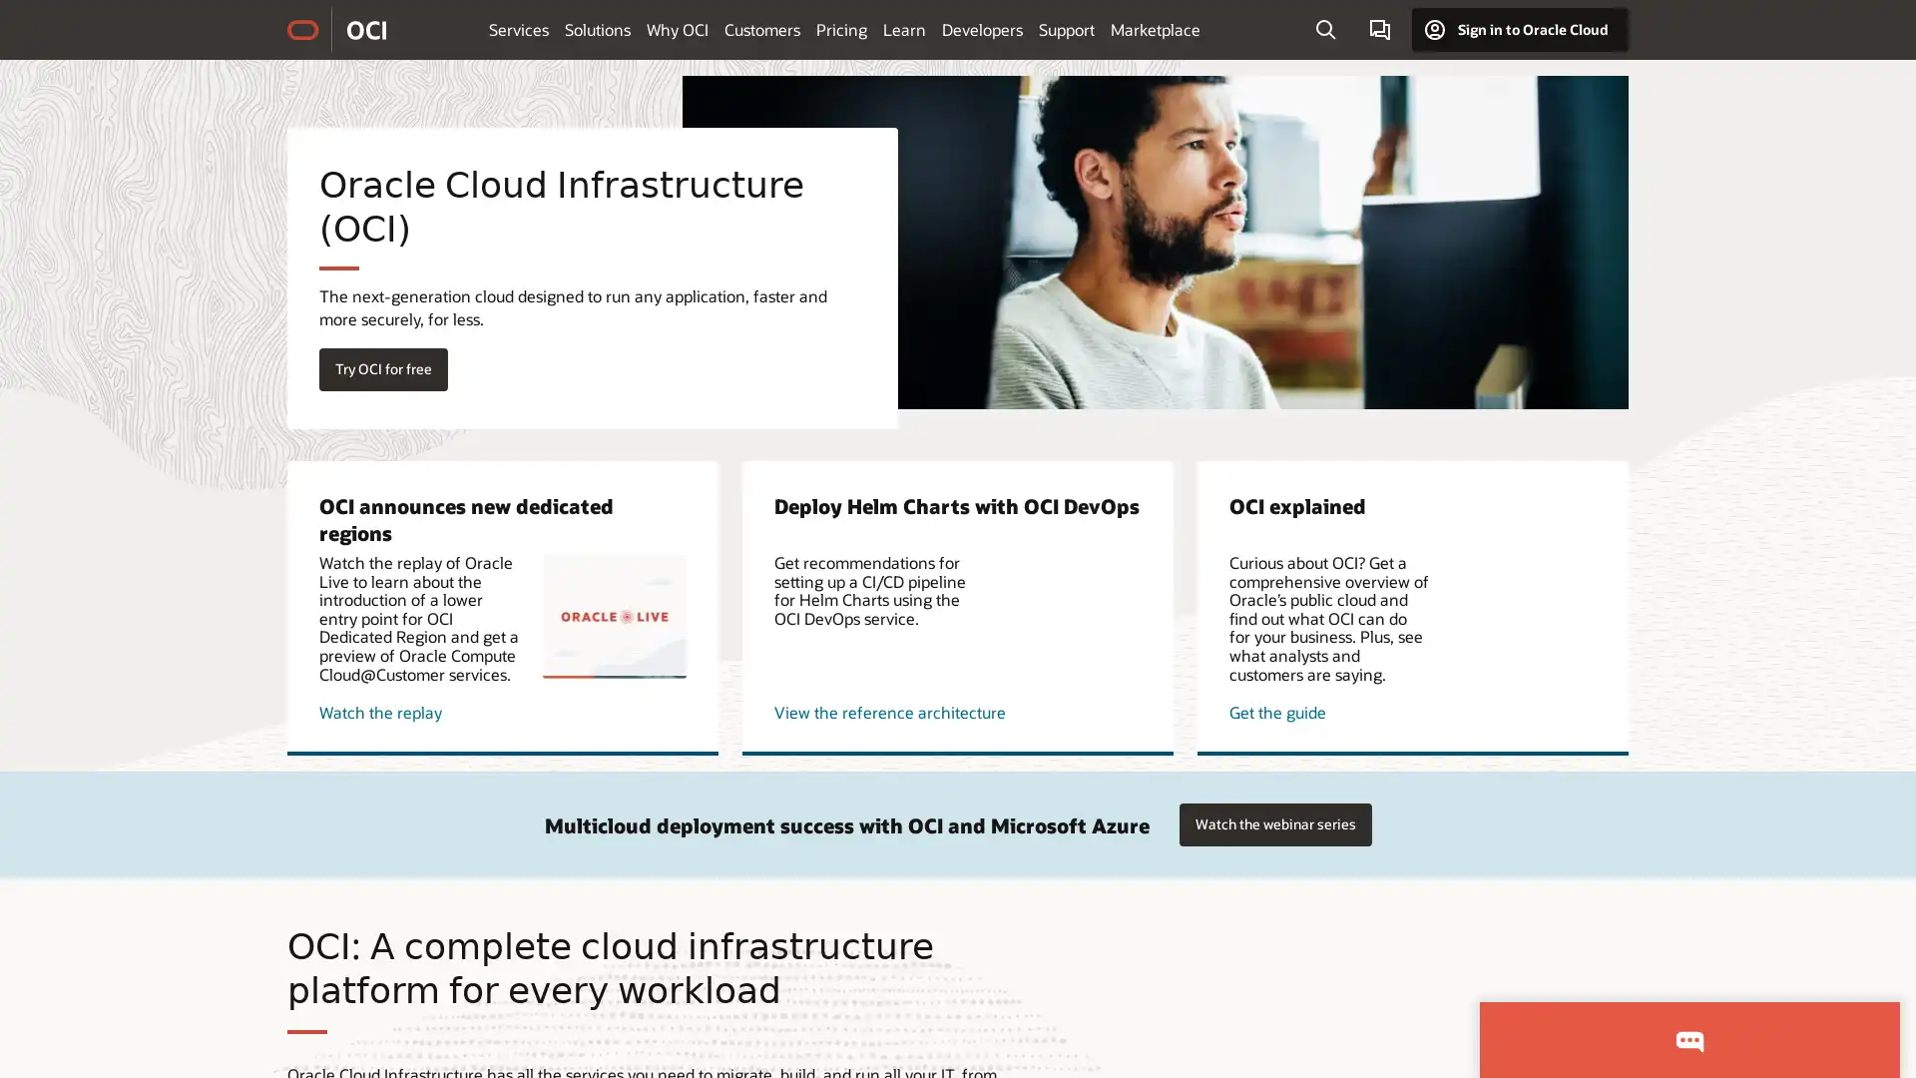 The width and height of the screenshot is (1916, 1078). What do you see at coordinates (982, 29) in the screenshot?
I see `Developers` at bounding box center [982, 29].